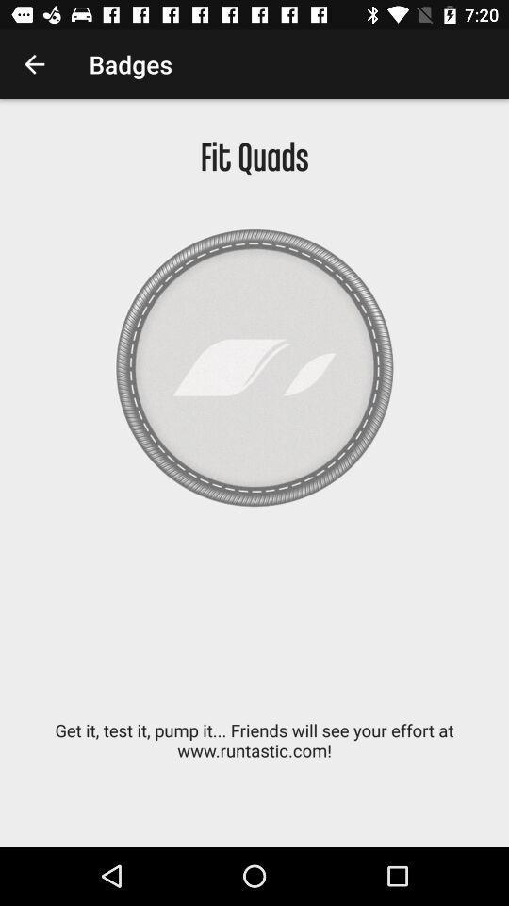  I want to click on the icon above the fit quads, so click(34, 64).